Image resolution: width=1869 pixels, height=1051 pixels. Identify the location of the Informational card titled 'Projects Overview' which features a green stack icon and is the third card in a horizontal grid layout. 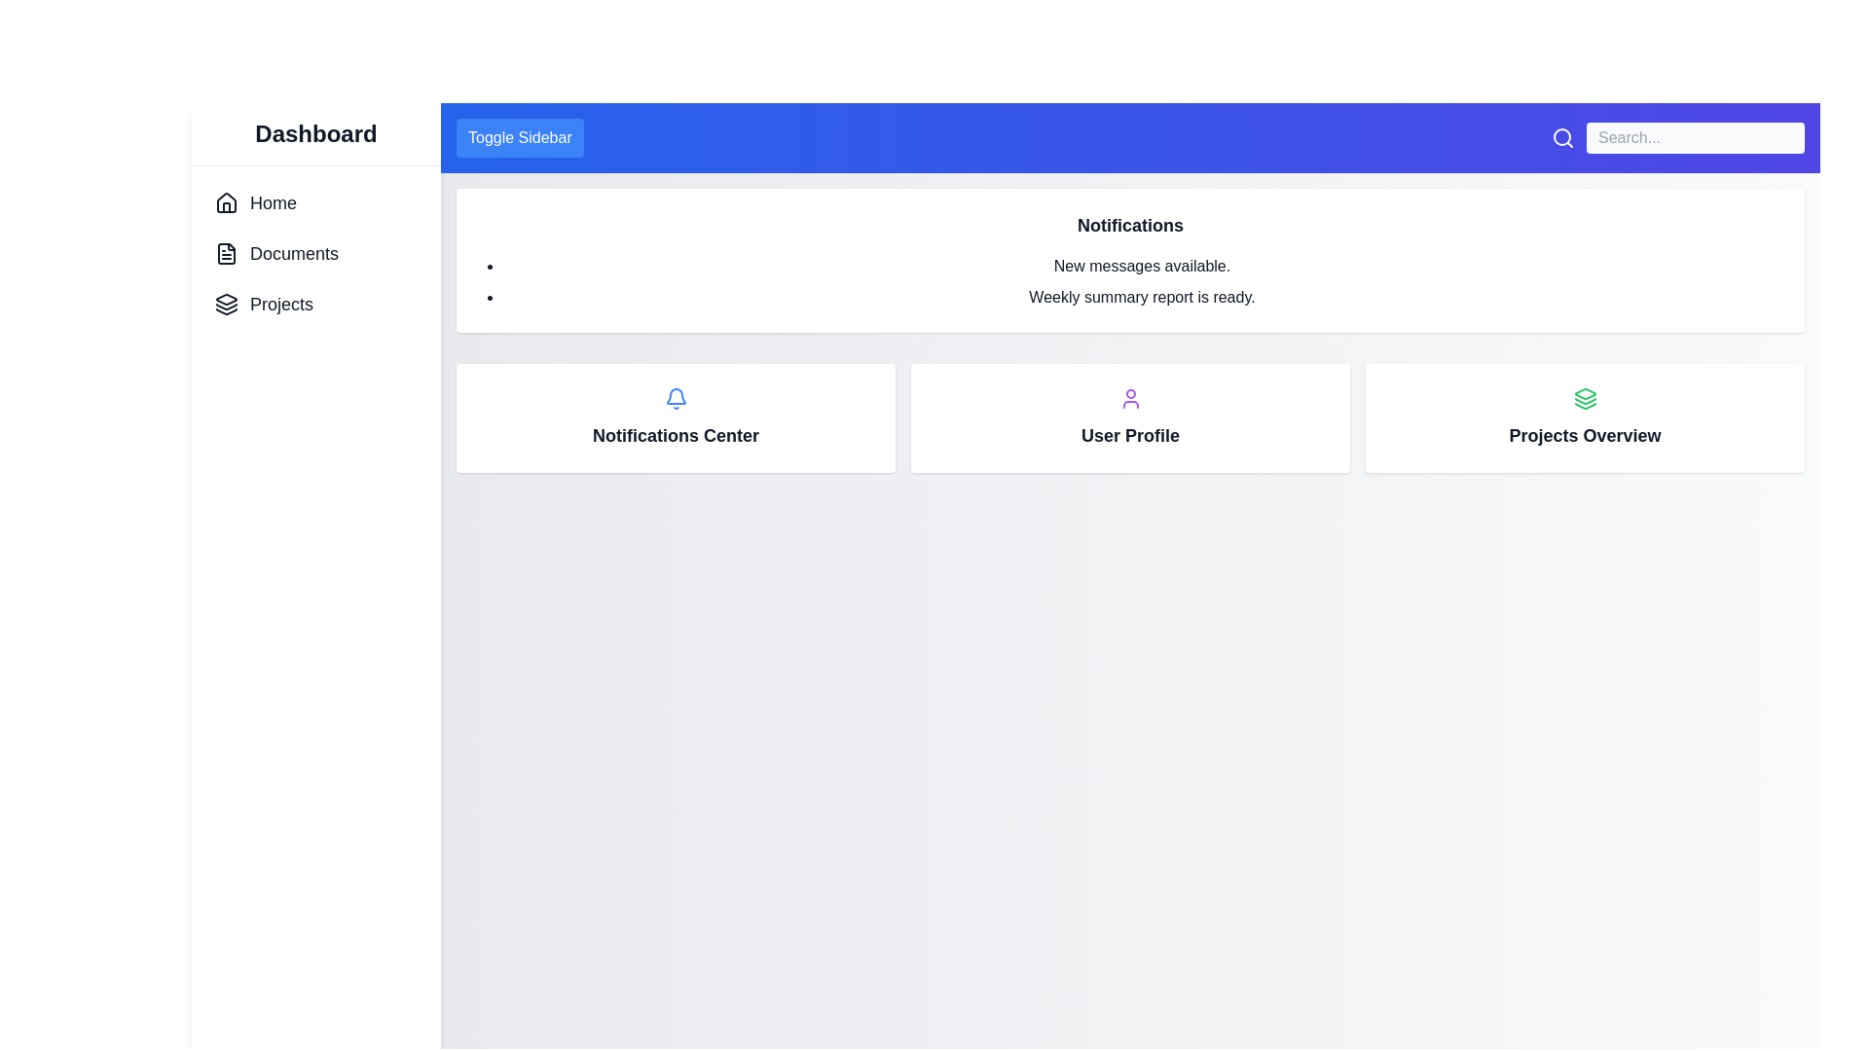
(1585, 417).